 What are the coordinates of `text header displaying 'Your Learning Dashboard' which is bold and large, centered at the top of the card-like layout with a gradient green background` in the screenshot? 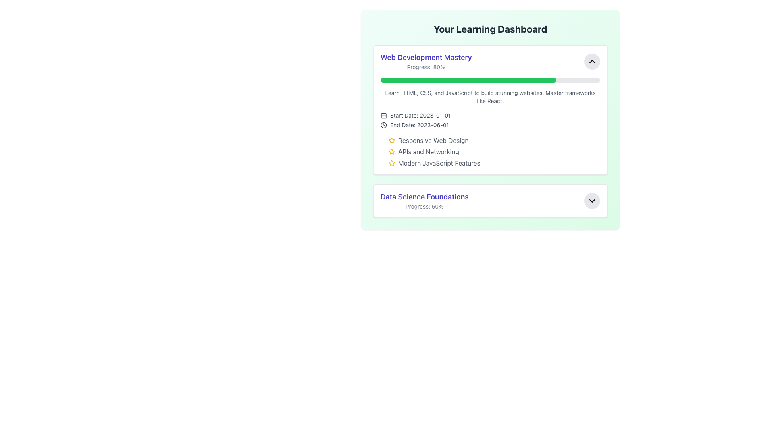 It's located at (490, 29).